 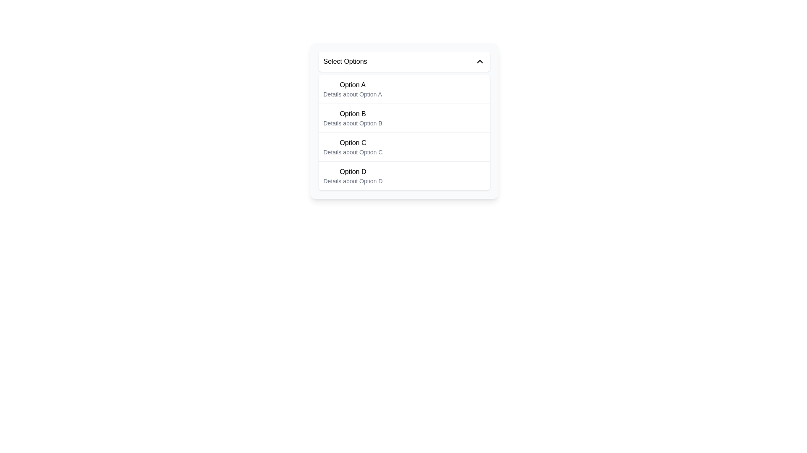 What do you see at coordinates (404, 89) in the screenshot?
I see `the first selectable option 'Option A' in the dropdown menu` at bounding box center [404, 89].